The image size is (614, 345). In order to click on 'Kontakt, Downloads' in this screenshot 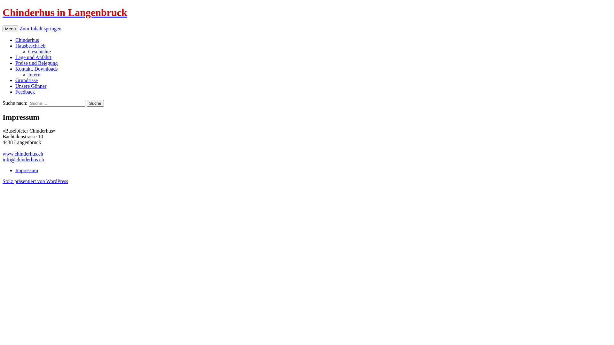, I will do `click(36, 69)`.